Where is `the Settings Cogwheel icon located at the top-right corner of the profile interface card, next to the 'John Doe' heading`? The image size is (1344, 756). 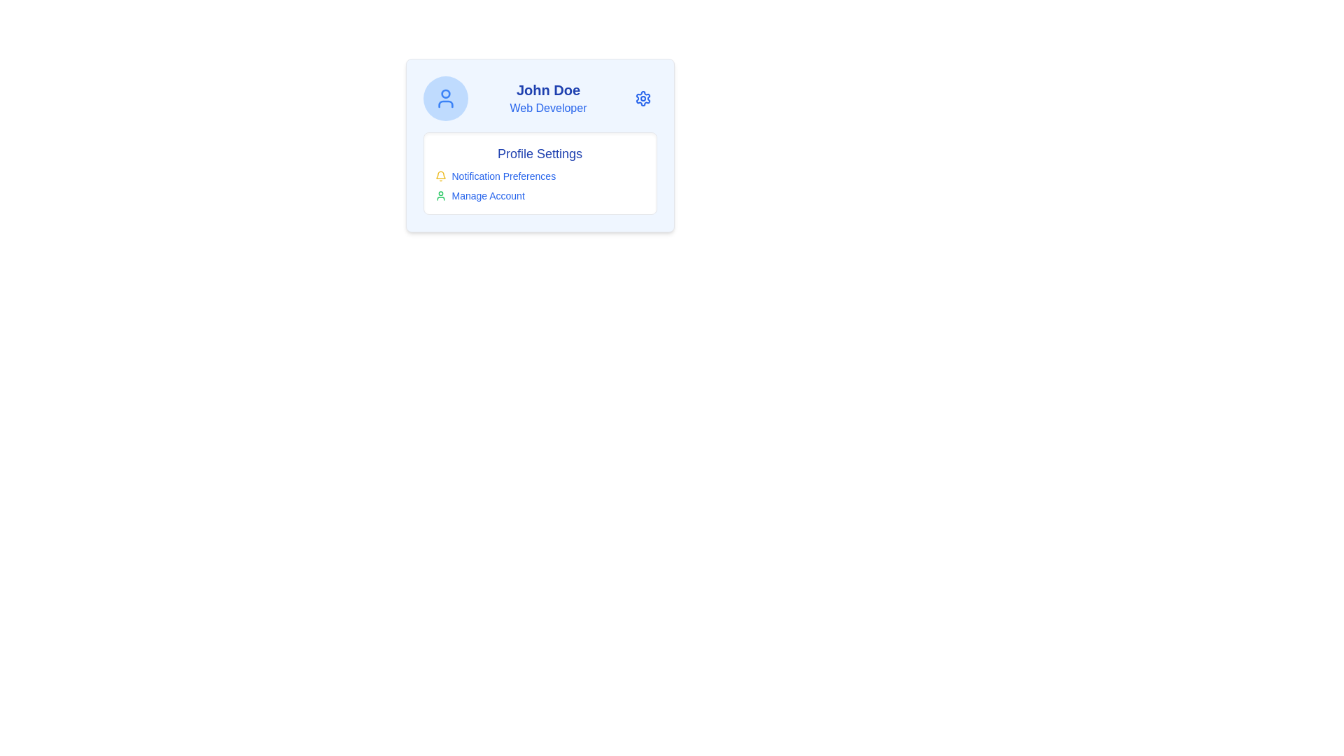
the Settings Cogwheel icon located at the top-right corner of the profile interface card, next to the 'John Doe' heading is located at coordinates (642, 98).